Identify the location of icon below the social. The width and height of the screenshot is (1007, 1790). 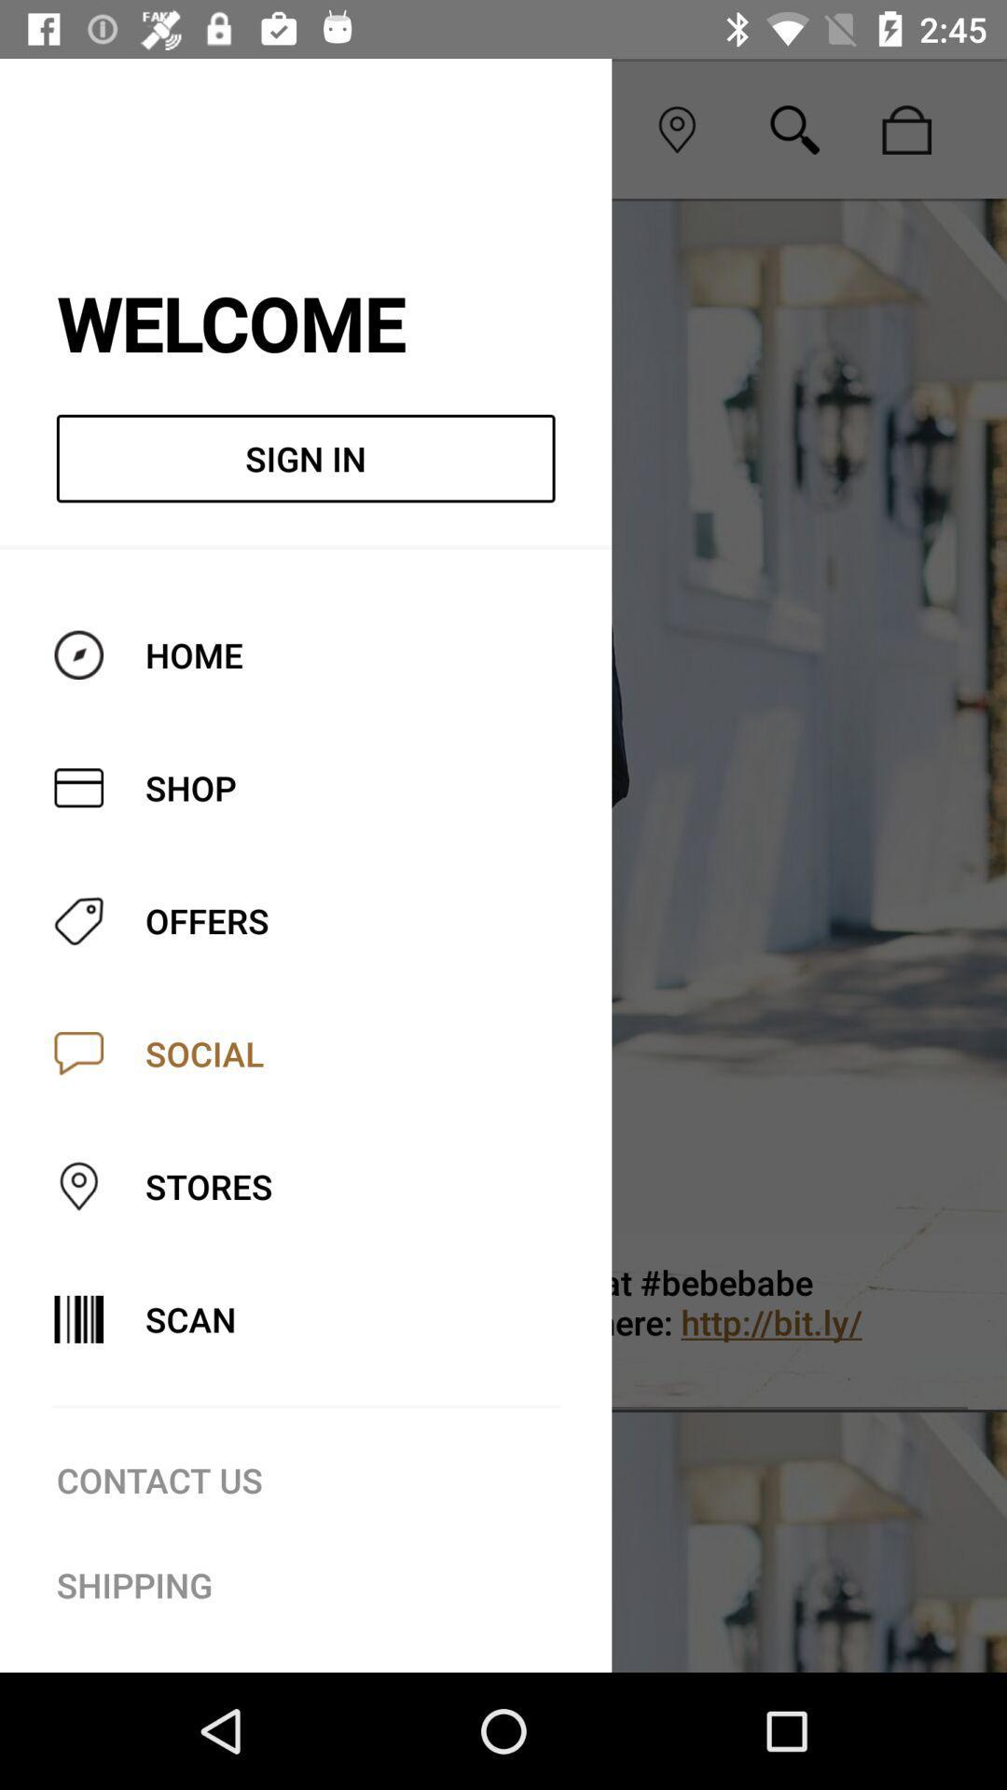
(580, 1321).